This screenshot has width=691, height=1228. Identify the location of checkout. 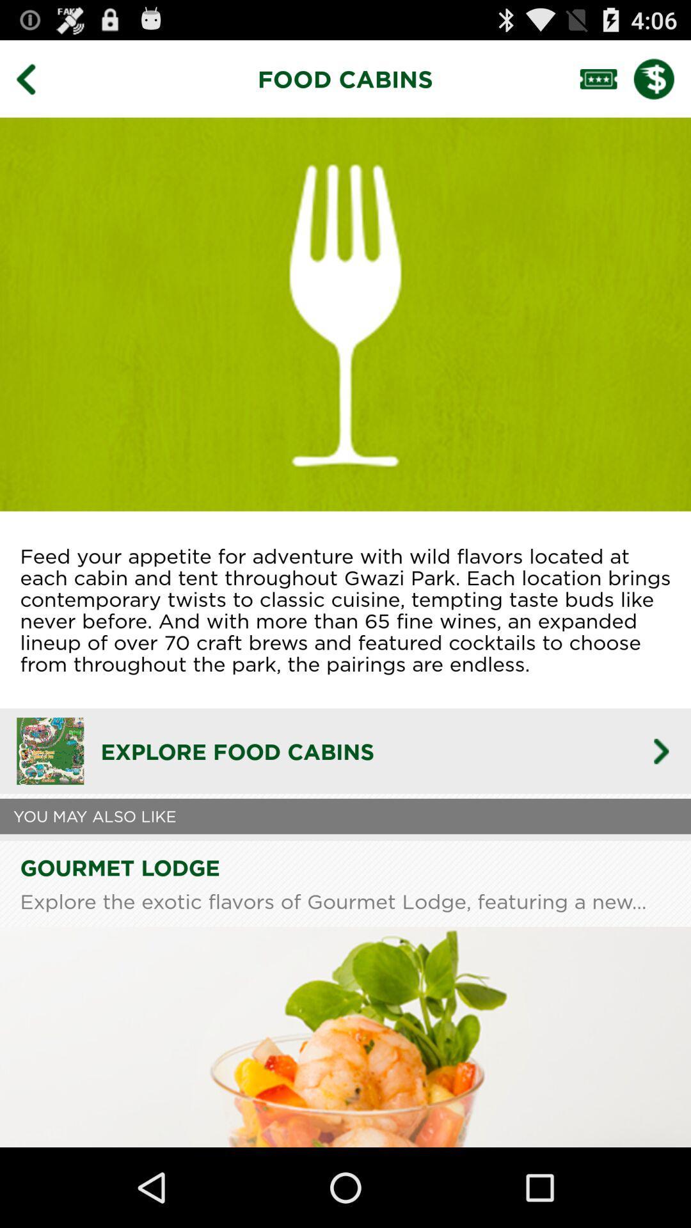
(662, 78).